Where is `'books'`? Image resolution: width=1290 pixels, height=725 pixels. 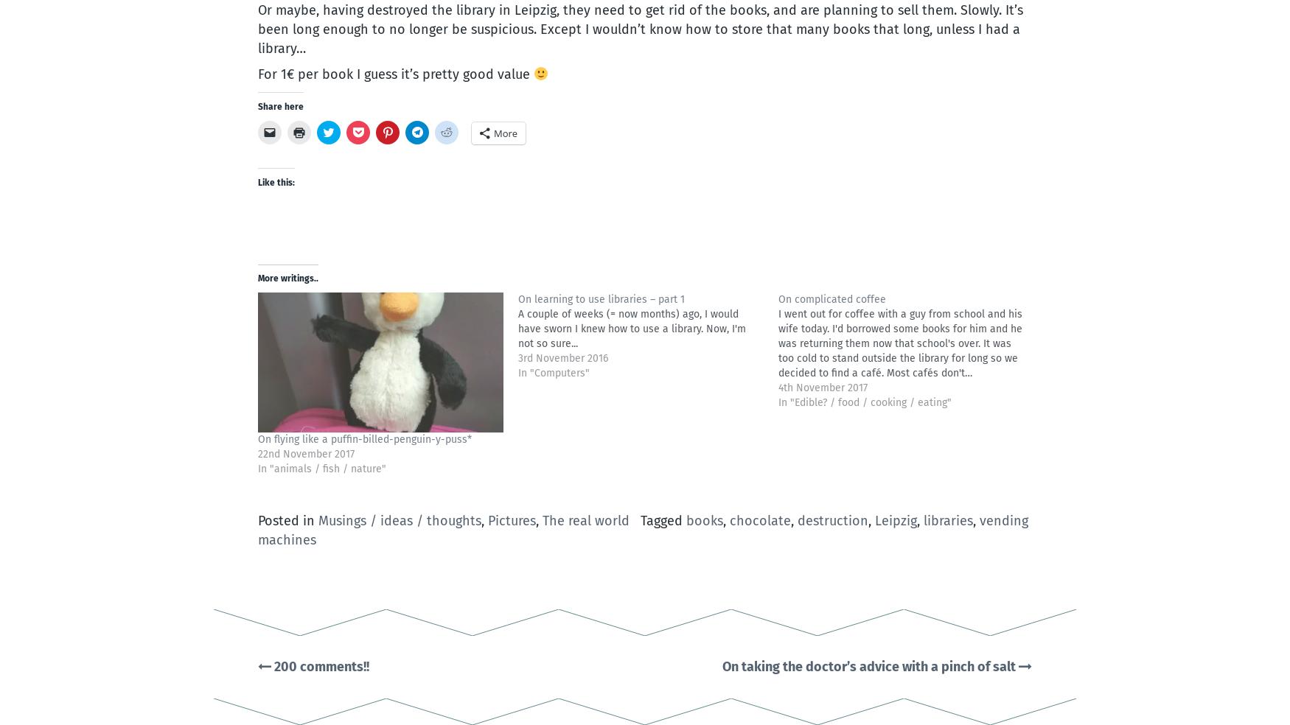
'books' is located at coordinates (705, 521).